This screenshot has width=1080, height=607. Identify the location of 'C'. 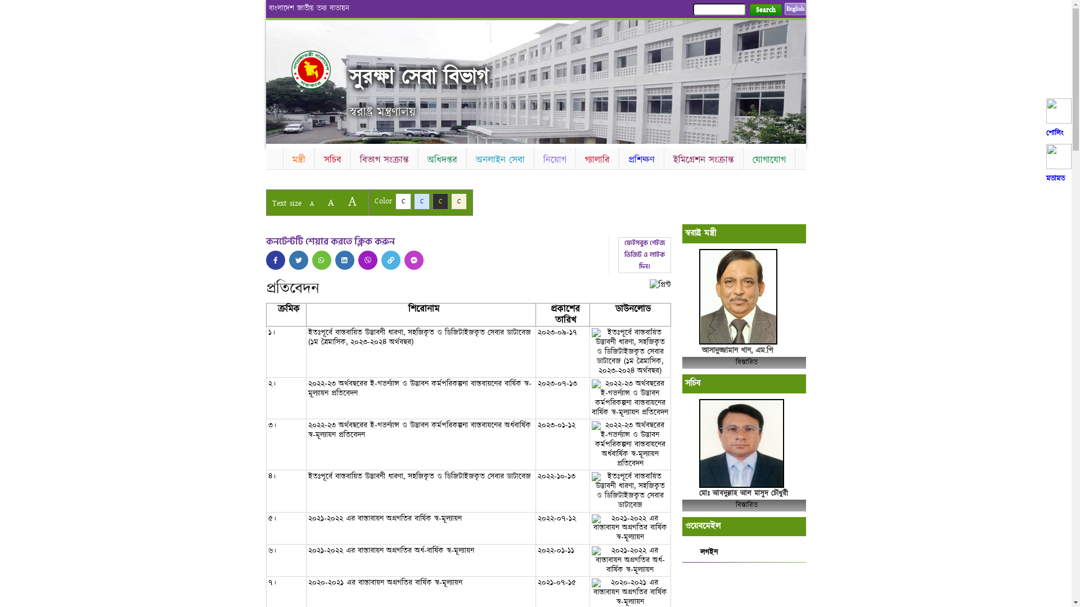
(431, 201).